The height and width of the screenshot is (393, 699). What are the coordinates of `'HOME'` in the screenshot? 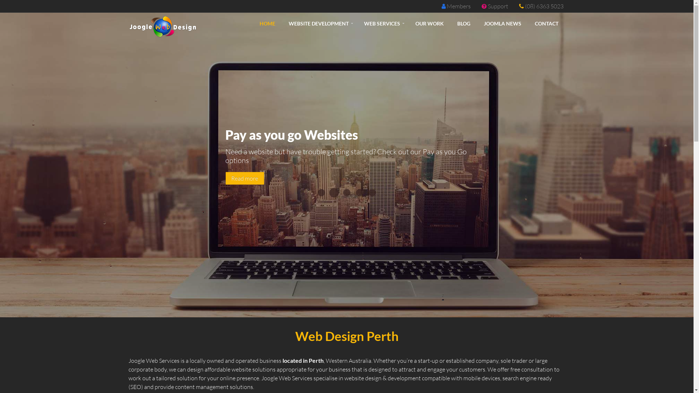 It's located at (266, 23).